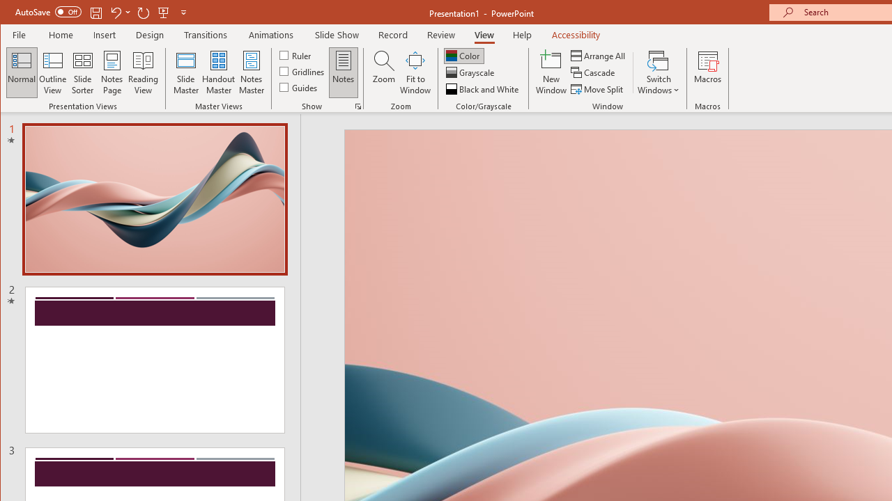  I want to click on 'Notes', so click(344, 72).